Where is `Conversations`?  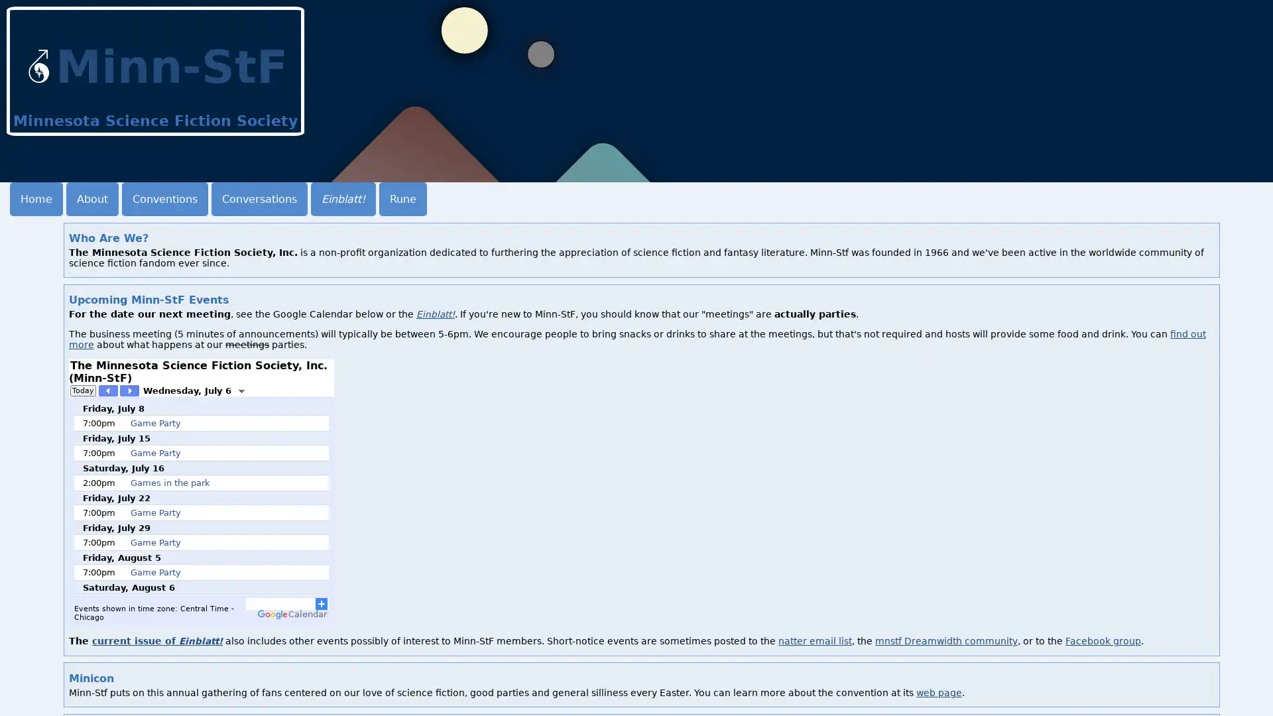 Conversations is located at coordinates (259, 199).